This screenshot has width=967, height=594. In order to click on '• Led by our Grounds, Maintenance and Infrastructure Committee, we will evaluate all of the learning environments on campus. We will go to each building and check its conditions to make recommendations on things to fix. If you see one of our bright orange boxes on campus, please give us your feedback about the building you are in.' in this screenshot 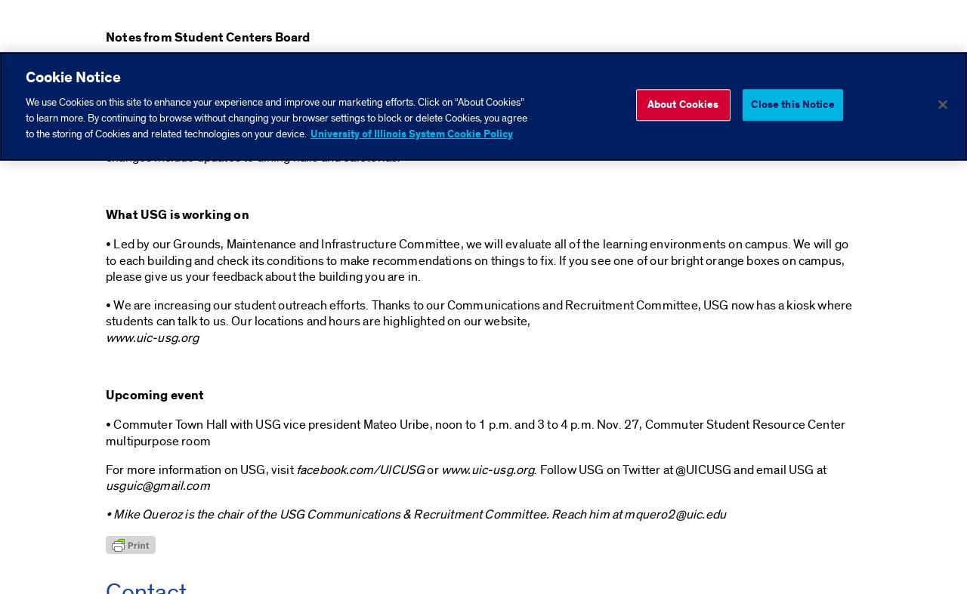, I will do `click(476, 259)`.